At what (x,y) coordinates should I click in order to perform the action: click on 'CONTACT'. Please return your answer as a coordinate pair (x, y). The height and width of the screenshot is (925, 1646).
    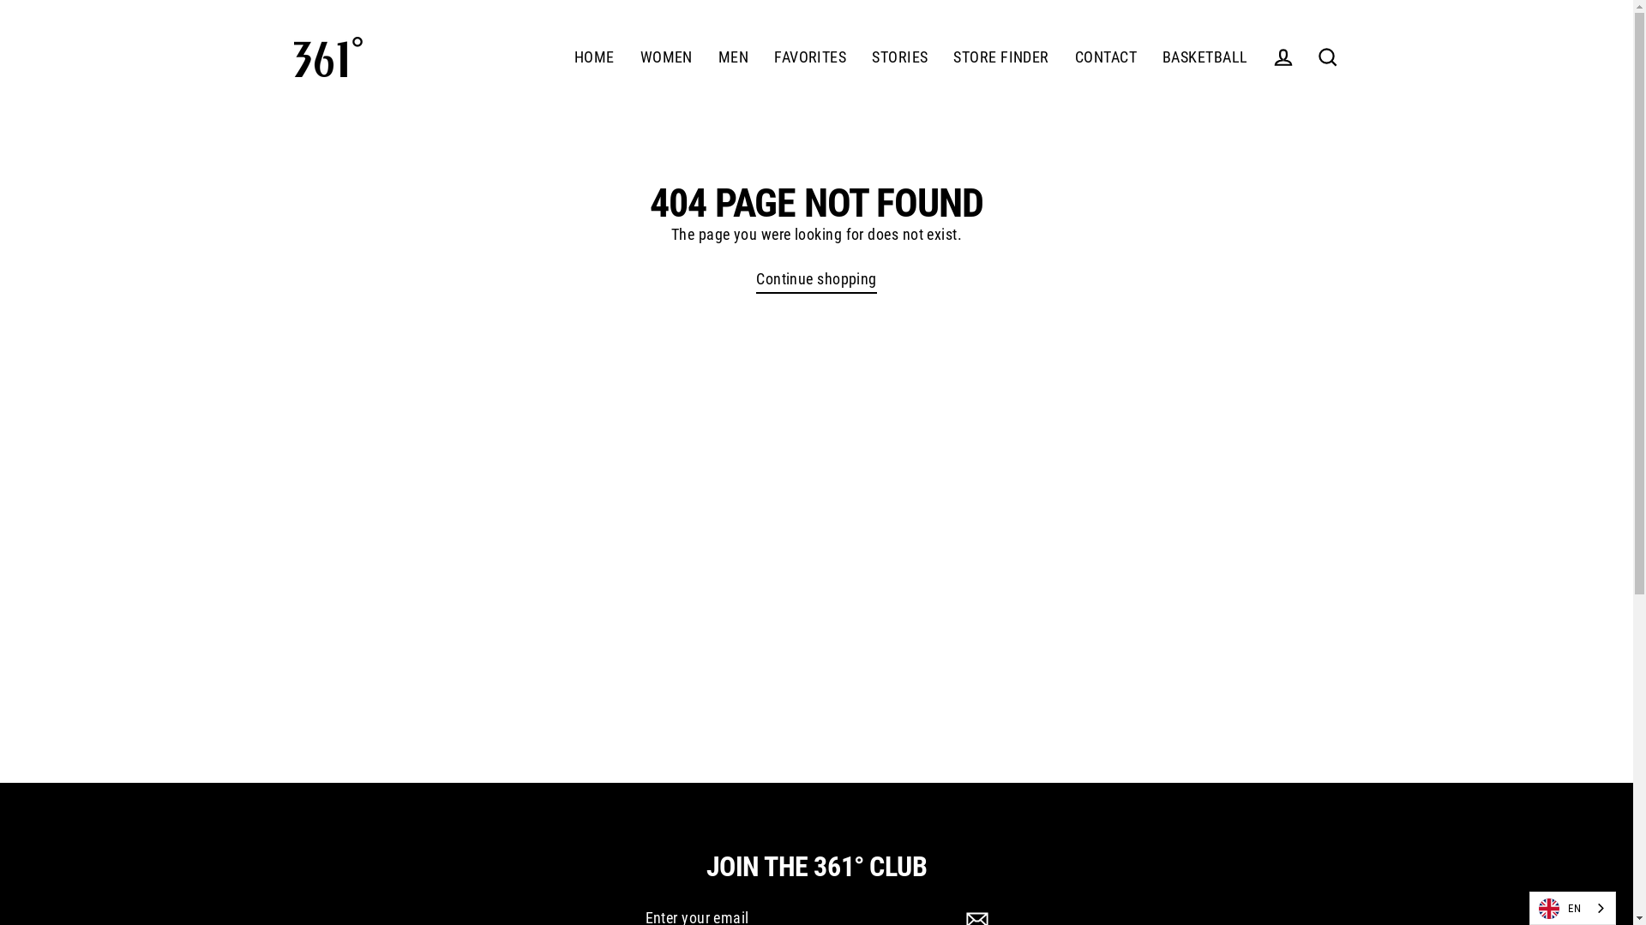
    Looking at the image, I should click on (1106, 56).